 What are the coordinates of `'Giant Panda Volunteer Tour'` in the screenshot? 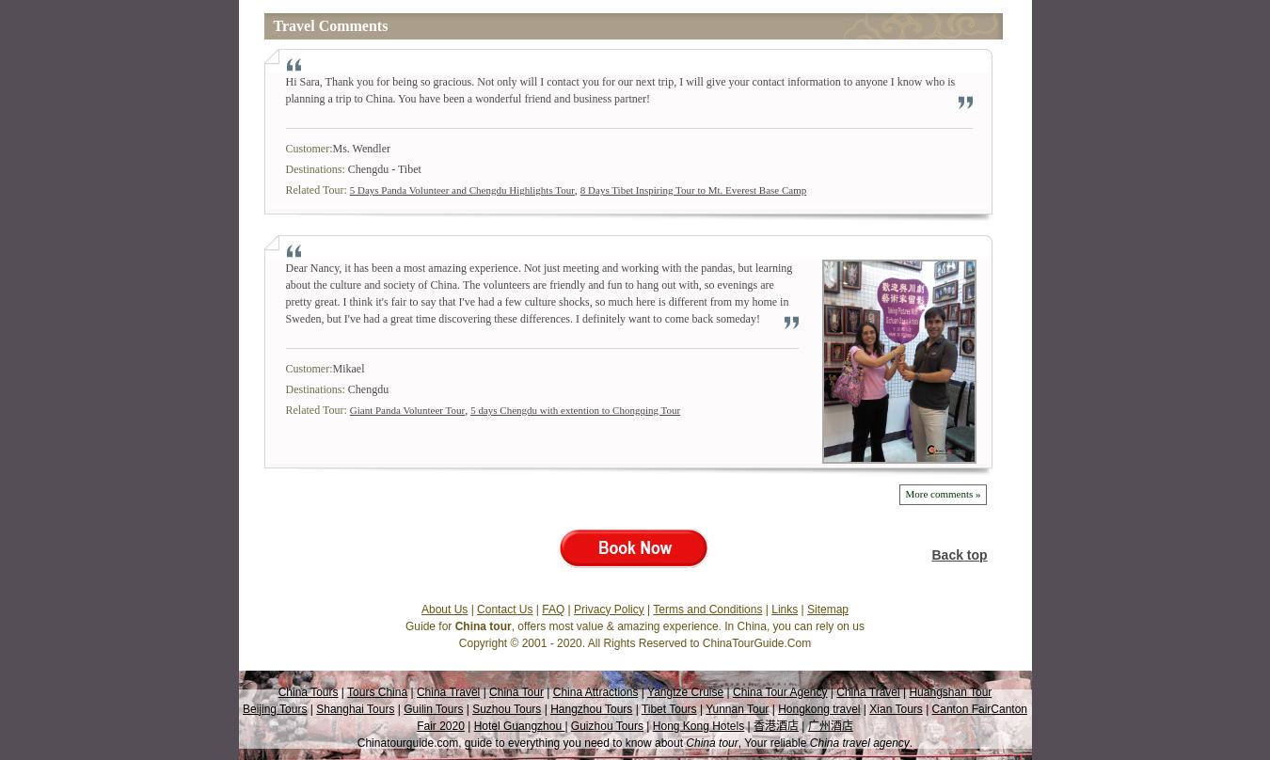 It's located at (406, 409).